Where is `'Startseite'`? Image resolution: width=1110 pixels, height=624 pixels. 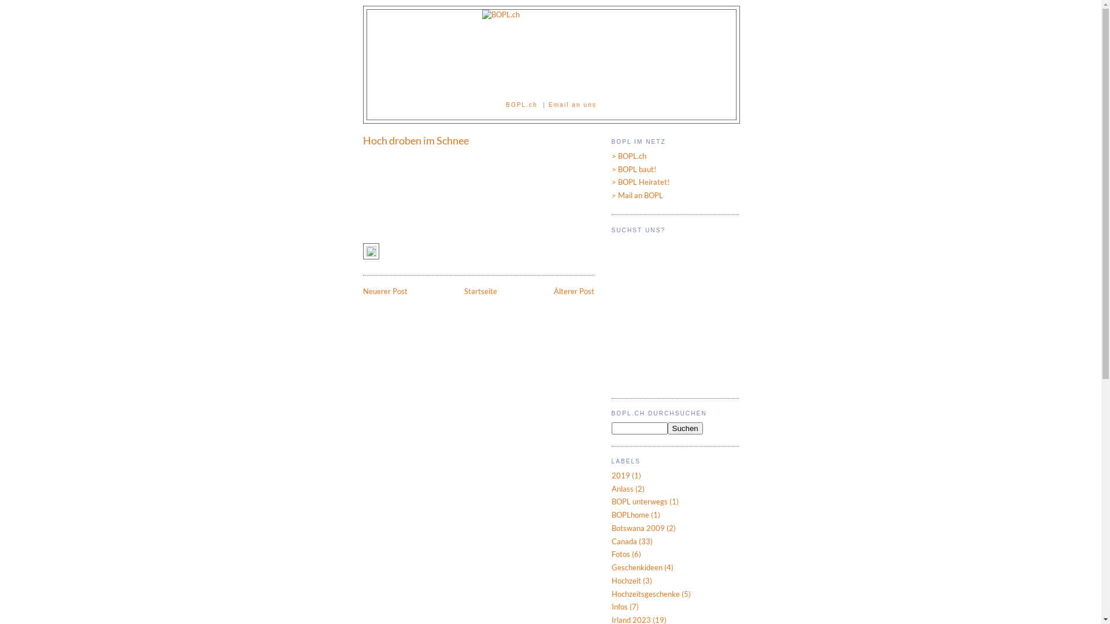 'Startseite' is located at coordinates (480, 291).